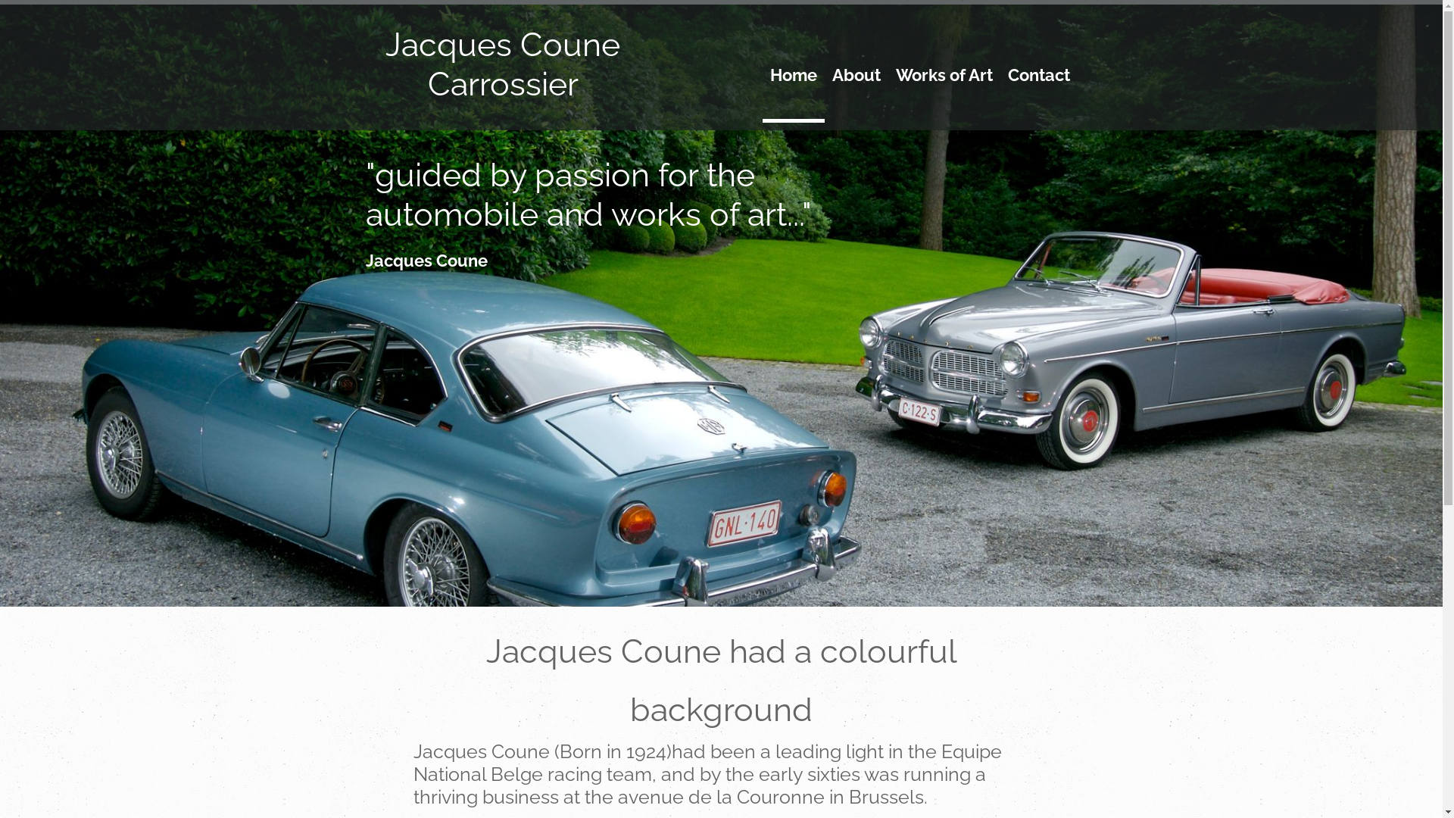  What do you see at coordinates (943, 89) in the screenshot?
I see `'Works of Art'` at bounding box center [943, 89].